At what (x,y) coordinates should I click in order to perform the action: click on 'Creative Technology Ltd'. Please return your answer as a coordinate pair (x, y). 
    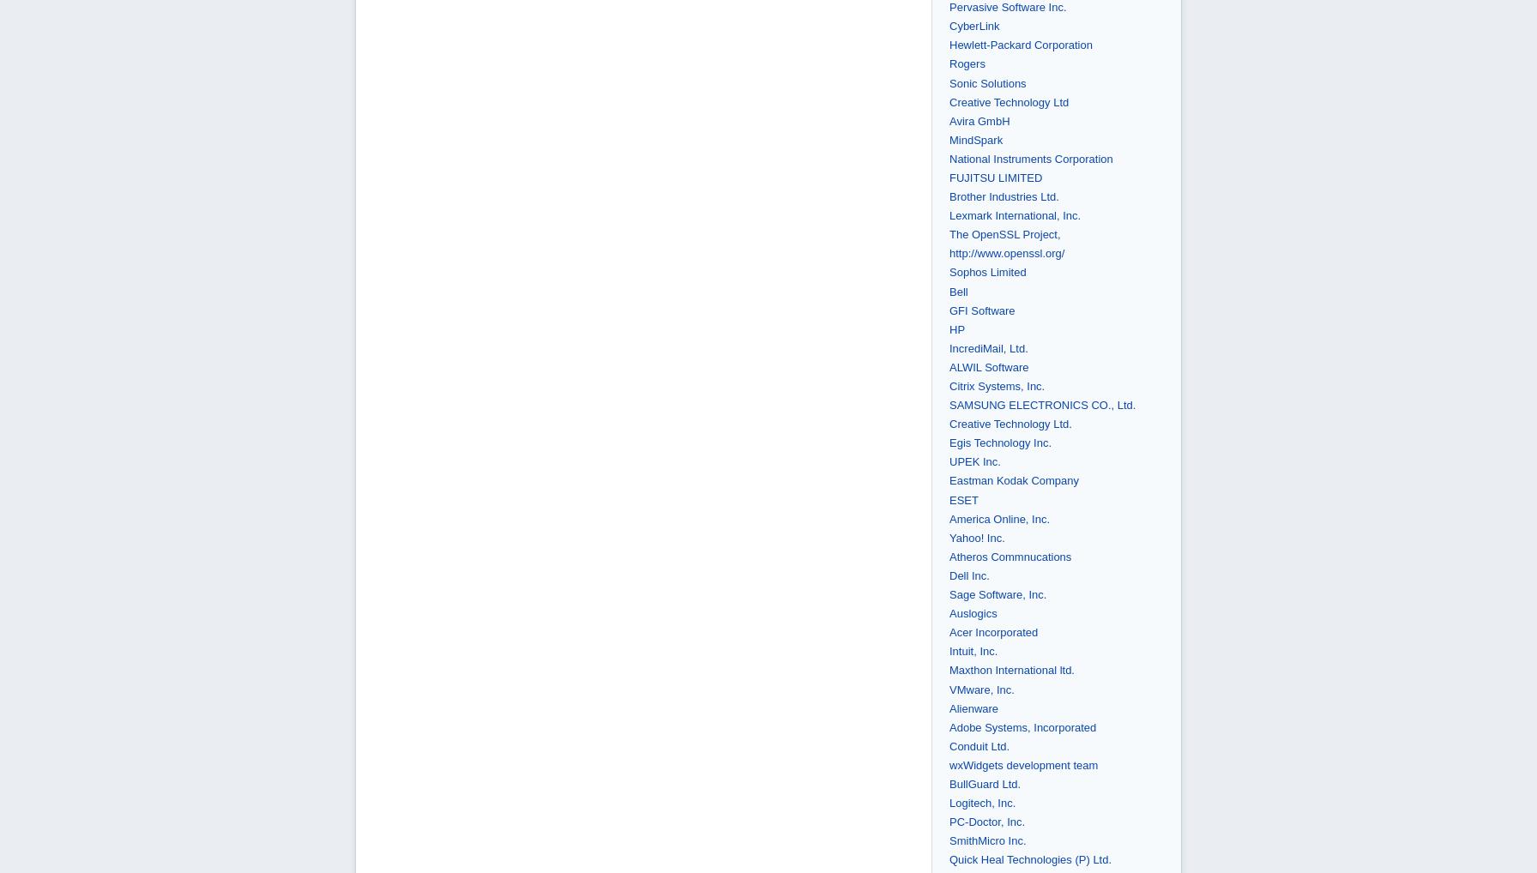
    Looking at the image, I should click on (1009, 100).